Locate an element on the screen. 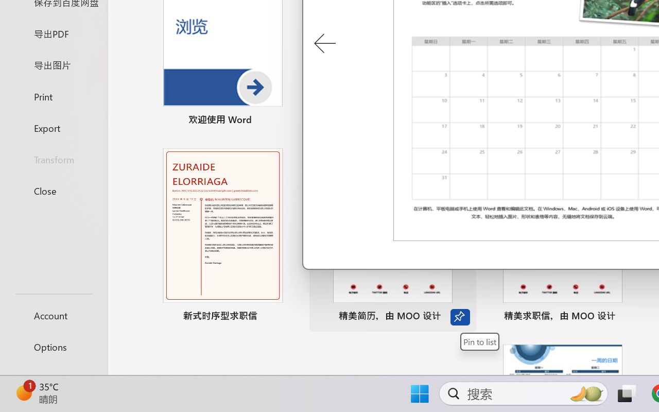 This screenshot has height=412, width=659. 'Transform' is located at coordinates (53, 159).